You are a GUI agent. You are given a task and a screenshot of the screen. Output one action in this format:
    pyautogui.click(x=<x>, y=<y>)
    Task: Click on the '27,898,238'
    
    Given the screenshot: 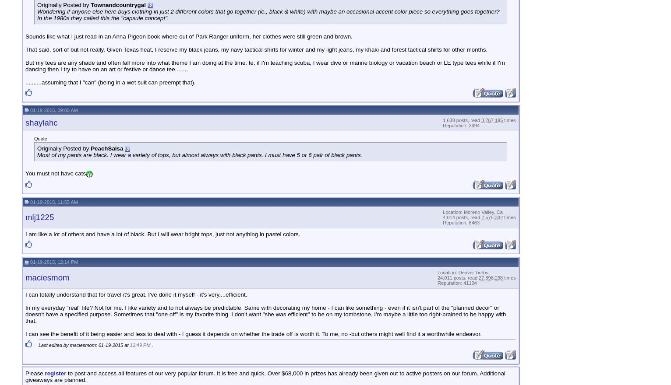 What is the action you would take?
    pyautogui.click(x=490, y=277)
    